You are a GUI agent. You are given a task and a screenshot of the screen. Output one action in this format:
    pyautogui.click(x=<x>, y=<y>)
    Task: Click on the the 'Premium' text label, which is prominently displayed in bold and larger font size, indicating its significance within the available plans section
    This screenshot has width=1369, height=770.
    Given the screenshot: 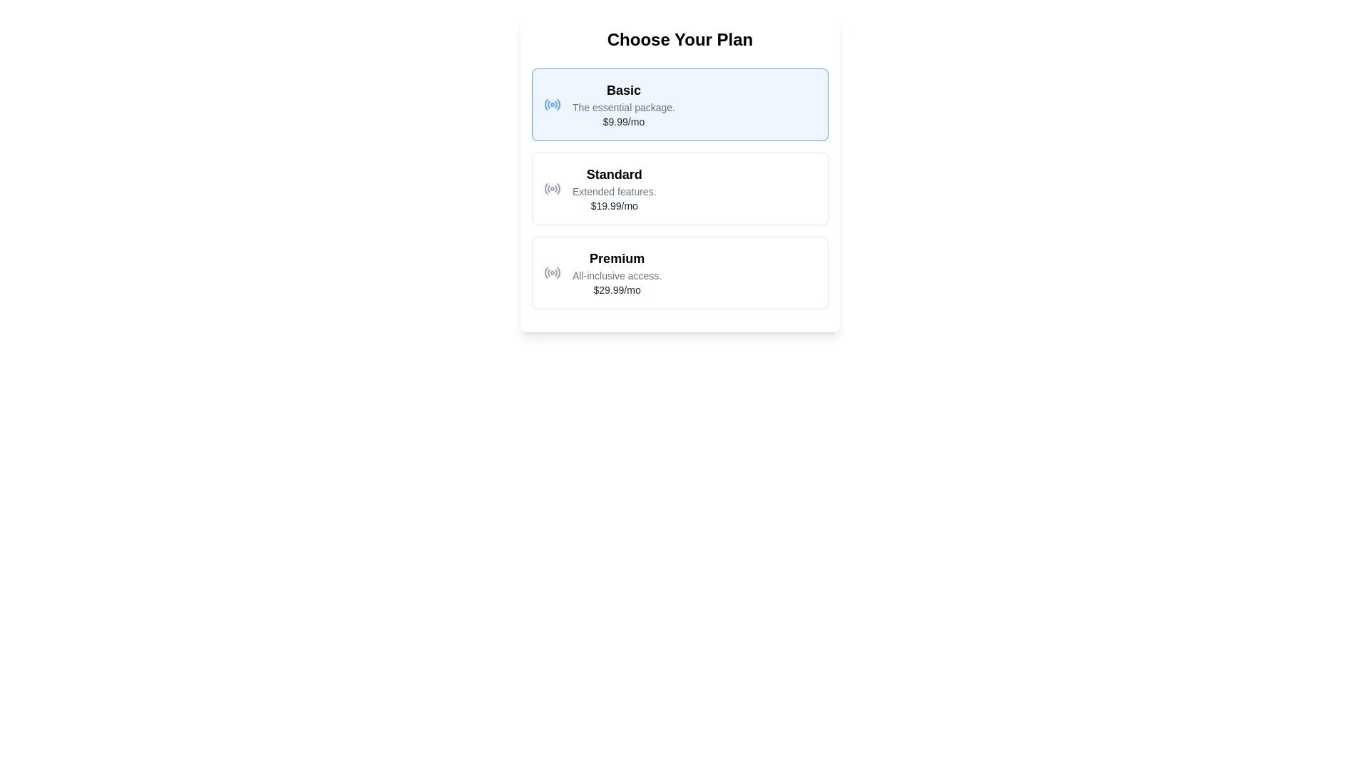 What is the action you would take?
    pyautogui.click(x=617, y=258)
    